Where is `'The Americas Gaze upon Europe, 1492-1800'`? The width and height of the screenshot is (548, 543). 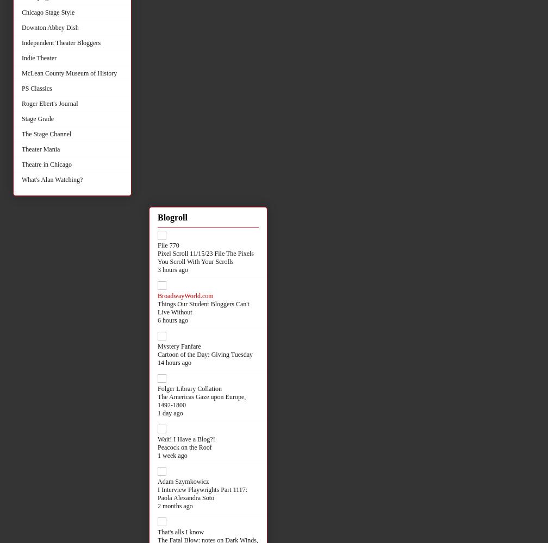
'The Americas Gaze upon Europe, 1492-1800' is located at coordinates (202, 400).